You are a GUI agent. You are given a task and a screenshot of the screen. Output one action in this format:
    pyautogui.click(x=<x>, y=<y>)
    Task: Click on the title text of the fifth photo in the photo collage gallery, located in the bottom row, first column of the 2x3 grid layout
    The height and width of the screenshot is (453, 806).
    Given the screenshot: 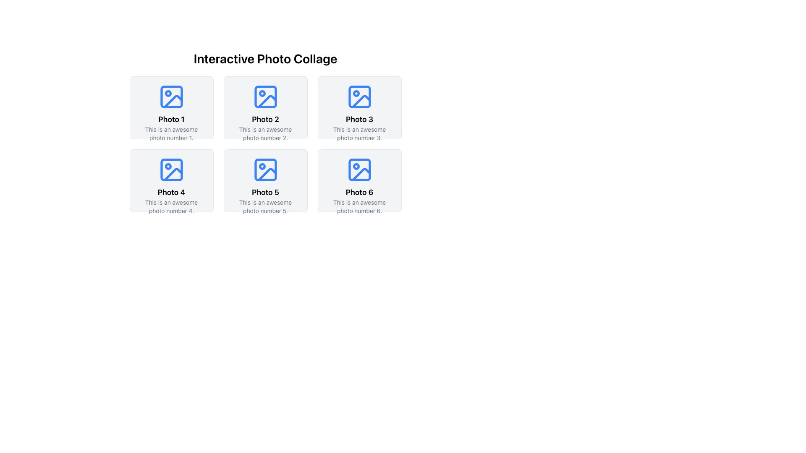 What is the action you would take?
    pyautogui.click(x=265, y=193)
    